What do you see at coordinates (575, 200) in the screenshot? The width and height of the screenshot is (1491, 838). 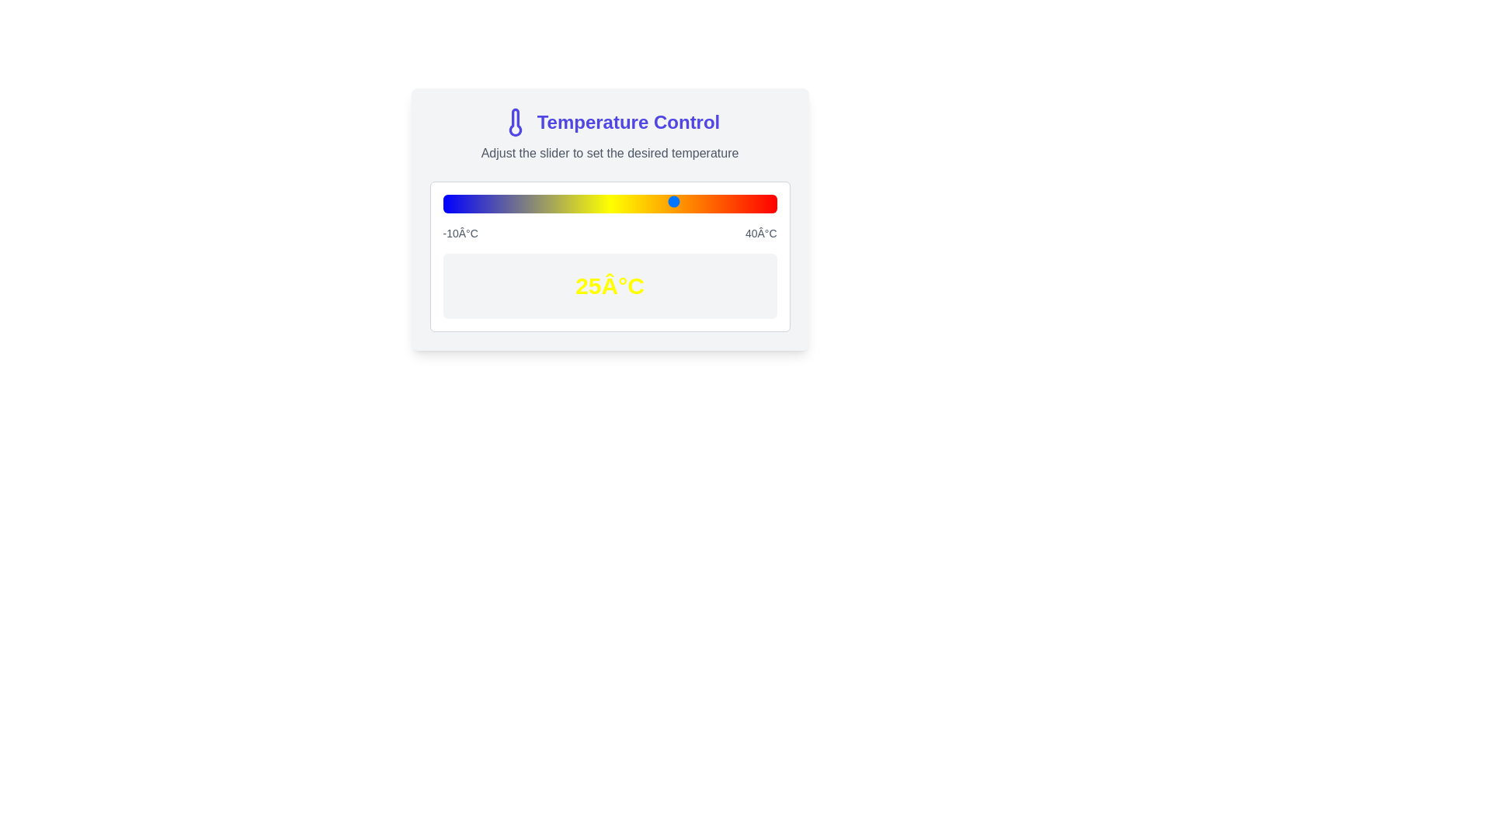 I see `the slider to set the temperature to 10°C` at bounding box center [575, 200].